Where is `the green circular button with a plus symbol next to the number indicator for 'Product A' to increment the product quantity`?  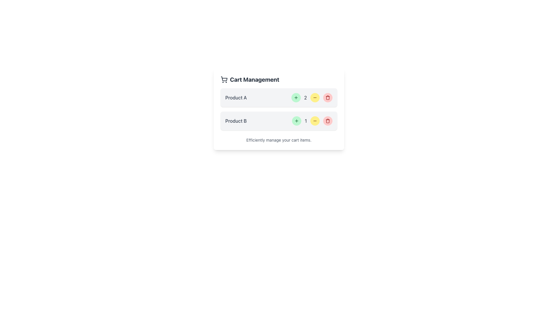 the green circular button with a plus symbol next to the number indicator for 'Product A' to increment the product quantity is located at coordinates (296, 97).